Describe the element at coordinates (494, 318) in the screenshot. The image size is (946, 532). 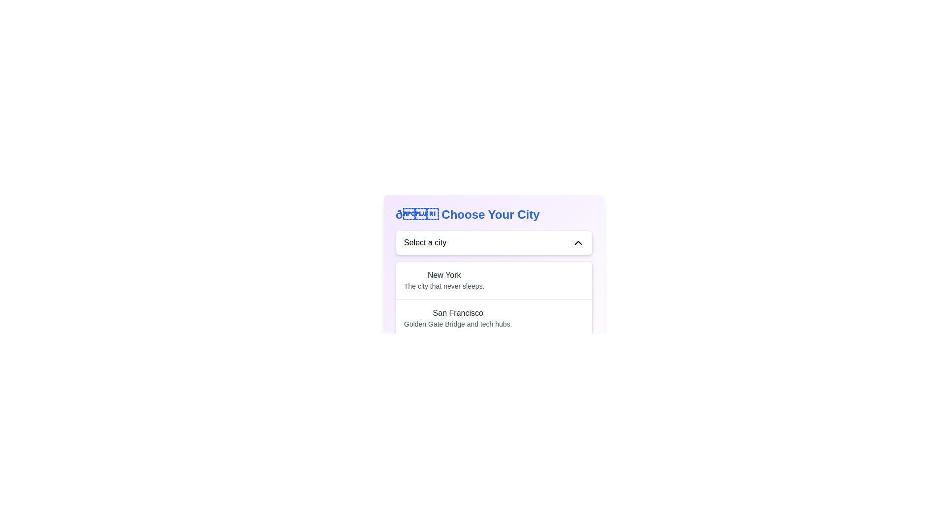
I see `the second list item representing 'San Francisco' in the city selection drop-down menu` at that location.